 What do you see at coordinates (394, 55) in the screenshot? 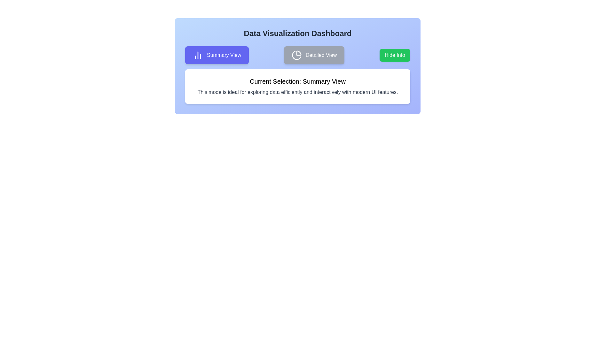
I see `the 'Hide Info' button to toggle the information display` at bounding box center [394, 55].